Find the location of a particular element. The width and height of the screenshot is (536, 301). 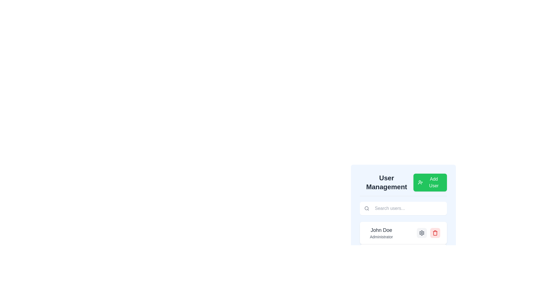

the small, square button with a light red background and a centered trash can icon is located at coordinates (435, 233).